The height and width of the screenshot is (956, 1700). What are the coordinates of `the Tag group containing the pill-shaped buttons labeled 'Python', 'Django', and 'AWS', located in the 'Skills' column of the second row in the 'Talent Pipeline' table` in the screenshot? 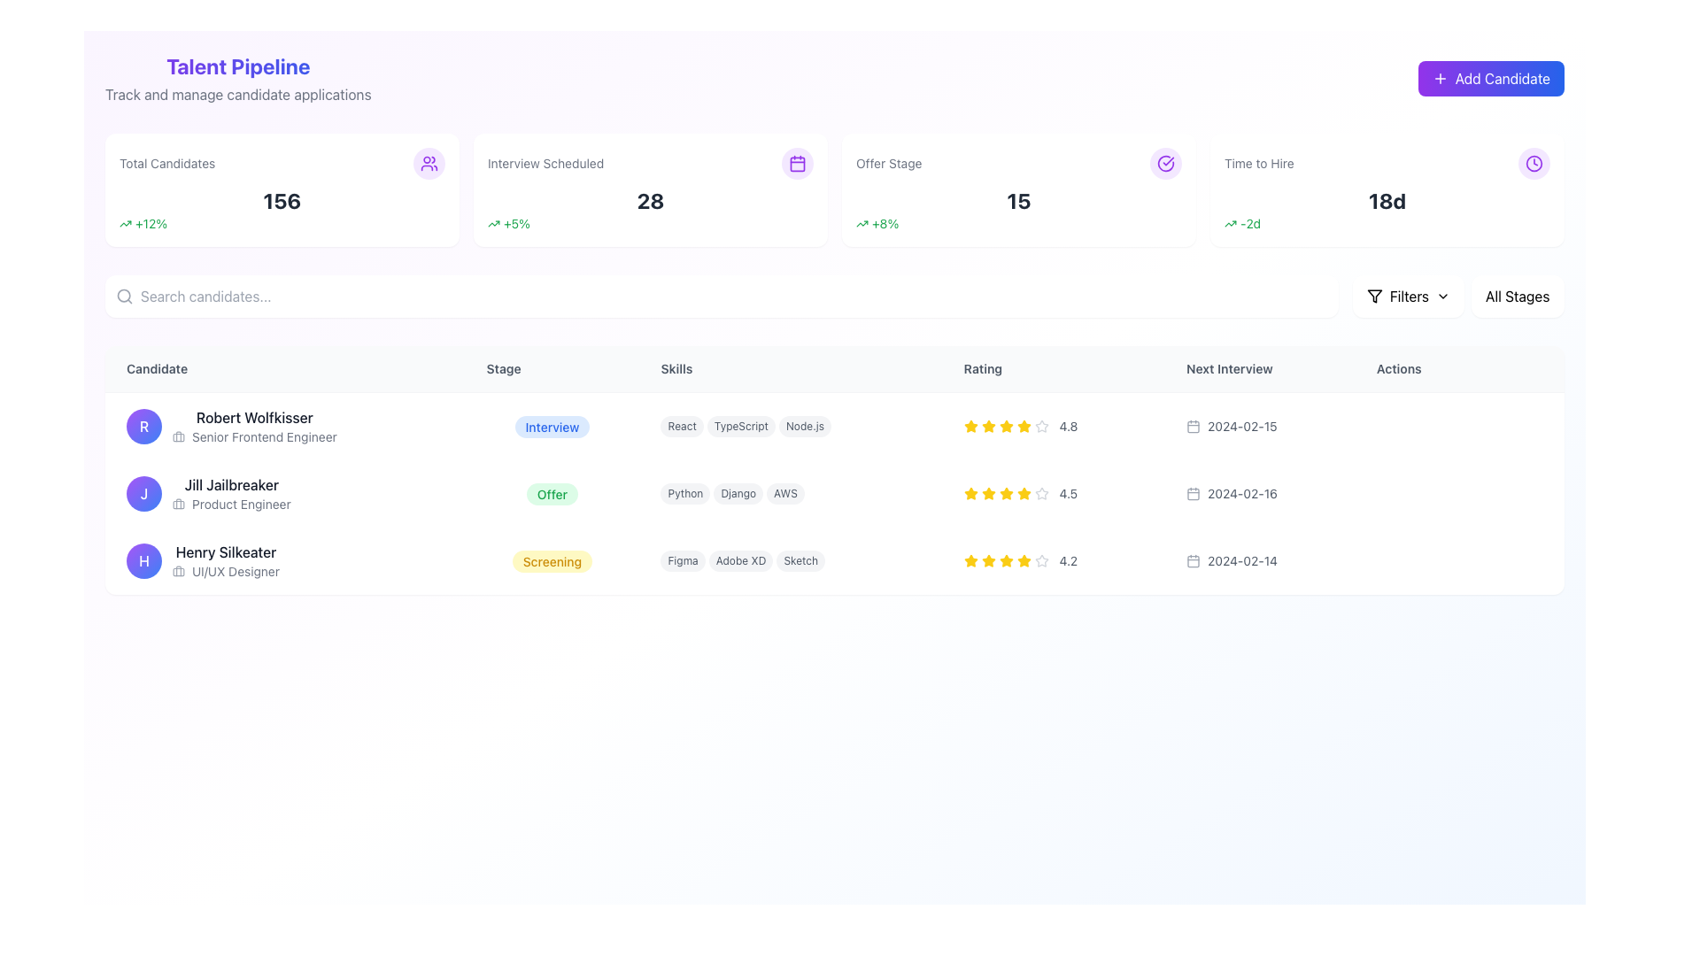 It's located at (790, 494).